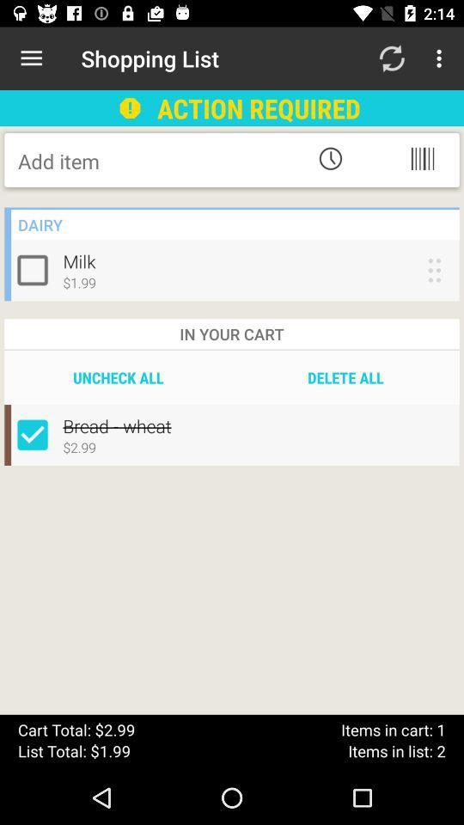 The image size is (464, 825). Describe the element at coordinates (36, 270) in the screenshot. I see `check option` at that location.